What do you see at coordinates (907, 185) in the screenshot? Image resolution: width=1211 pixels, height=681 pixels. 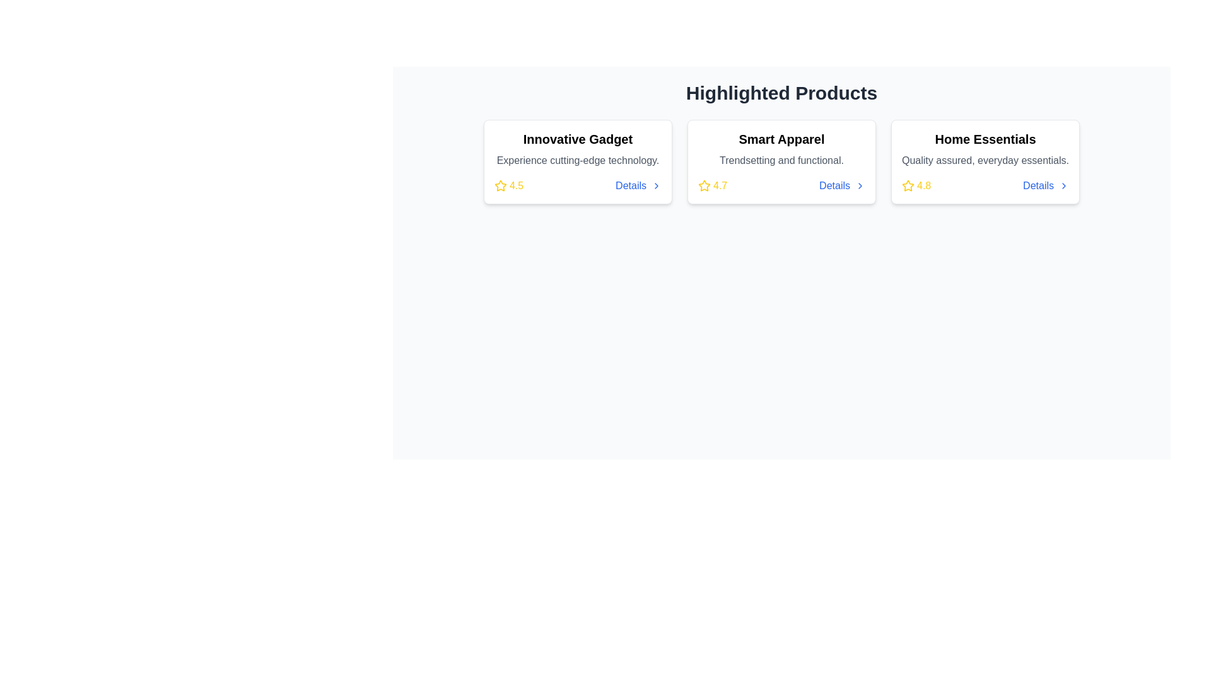 I see `the star-shaped icon with a hollow center and yellow outline, which is located in the 'Home Essentials' section, below its title and to the left of the numeric rating value '4.8'` at bounding box center [907, 185].